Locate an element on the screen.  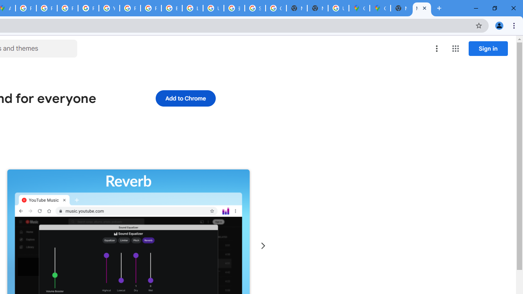
'Privacy Help Center - Policies Help' is located at coordinates (67, 8).